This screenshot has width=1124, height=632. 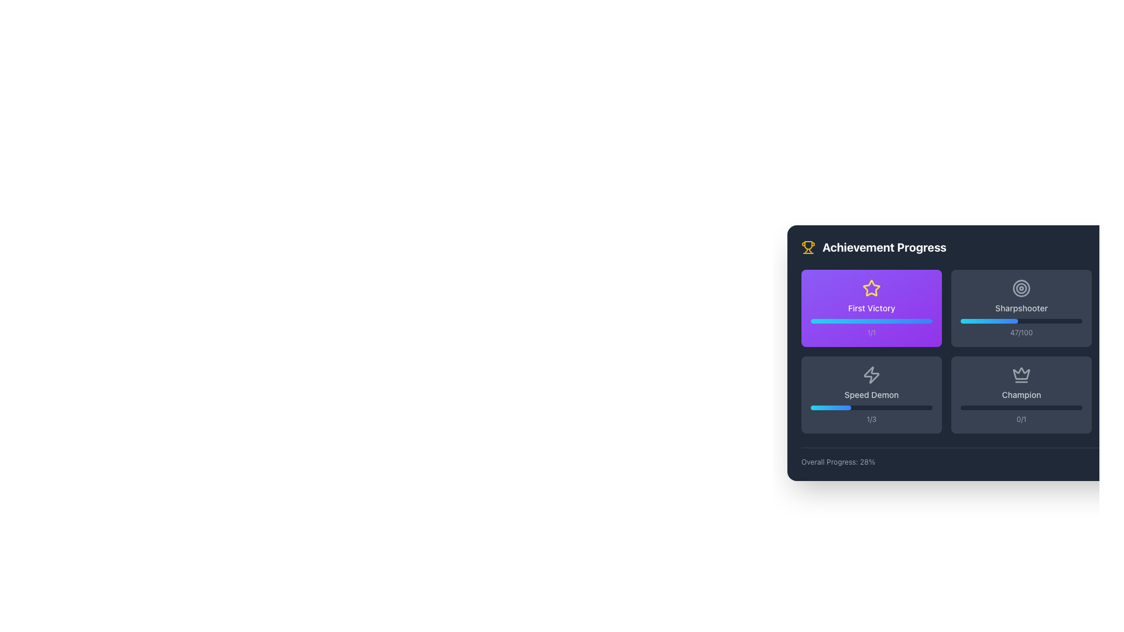 I want to click on the vertical progression bar component labeled 'Champion' that shows achievement progress with an initial value of 0/1, so click(x=1021, y=395).